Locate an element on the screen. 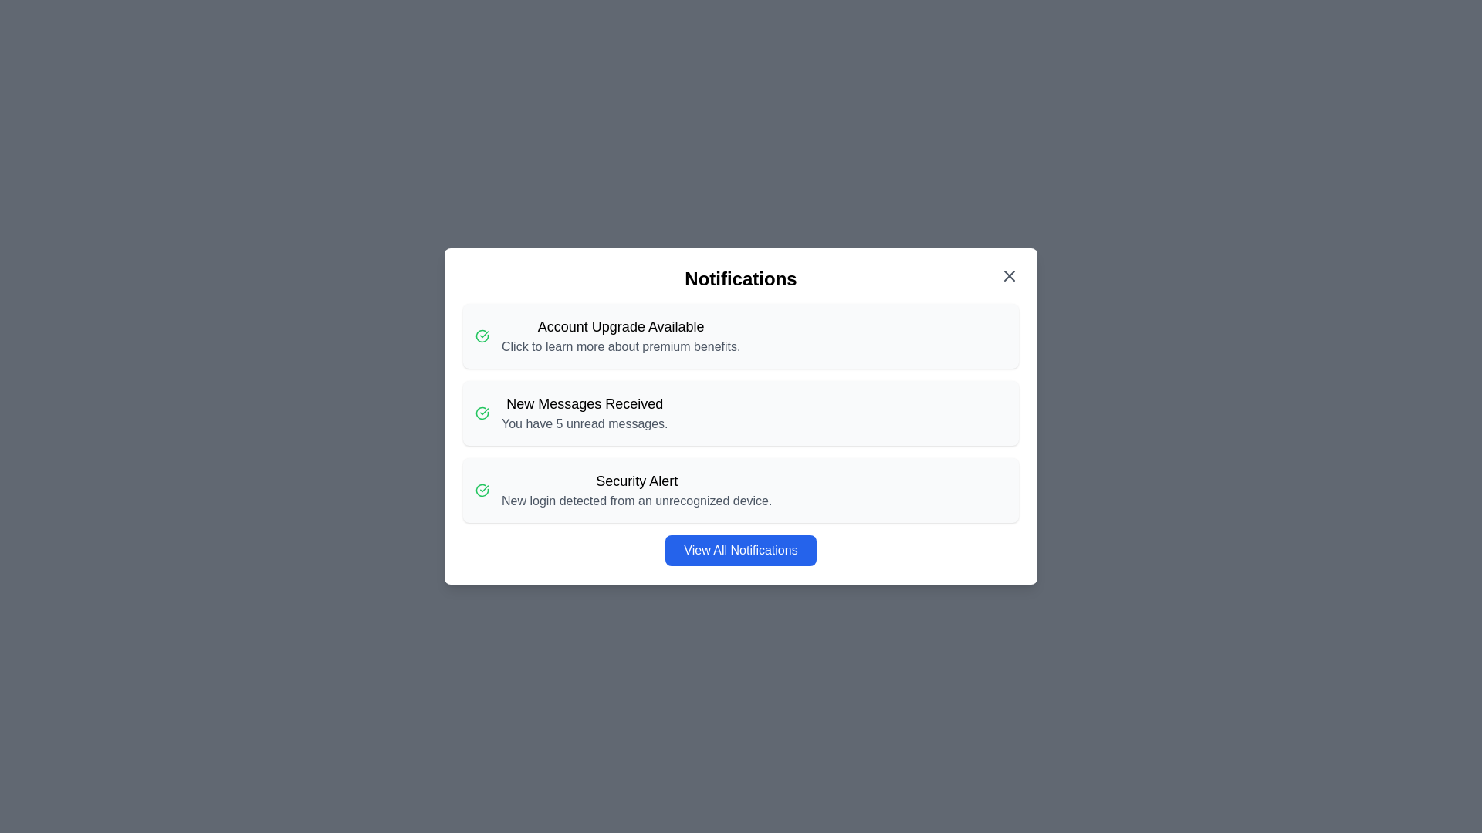 This screenshot has width=1482, height=833. the navigation button at the bottom center of the 'Notifications' modal dialog is located at coordinates (741, 549).